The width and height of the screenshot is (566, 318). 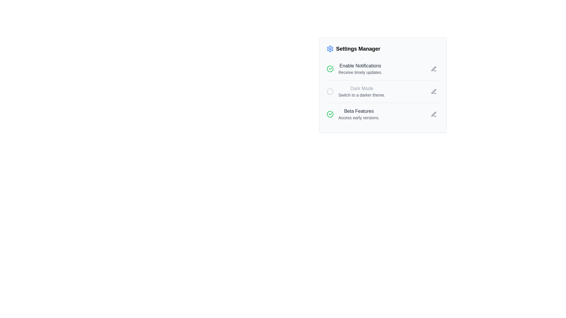 I want to click on the text label that serves as the title for the dark mode setting option, which is centrally aligned above the subtitle 'Switch to a darker theme.', so click(x=361, y=88).